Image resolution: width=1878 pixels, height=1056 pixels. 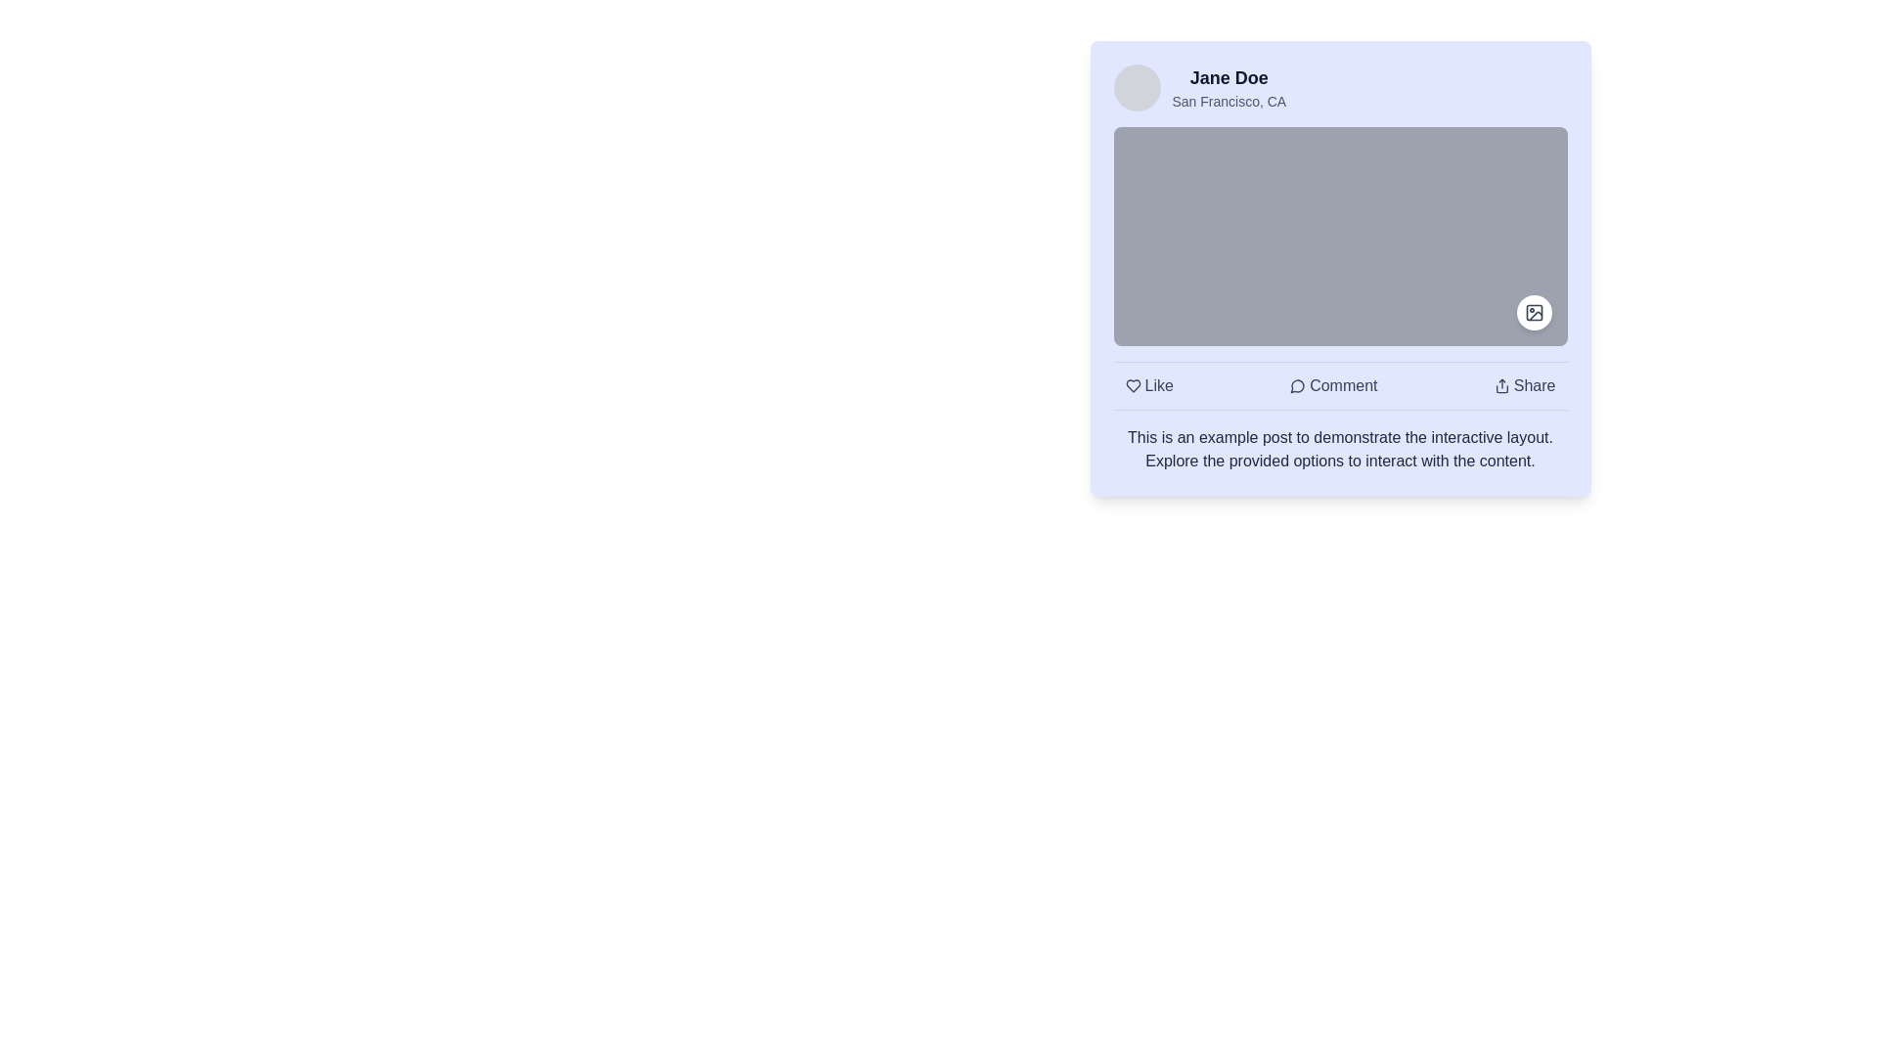 What do you see at coordinates (1500, 385) in the screenshot?
I see `the minimalistic upward arrow icon located to the left of the 'Share' text for additional options` at bounding box center [1500, 385].